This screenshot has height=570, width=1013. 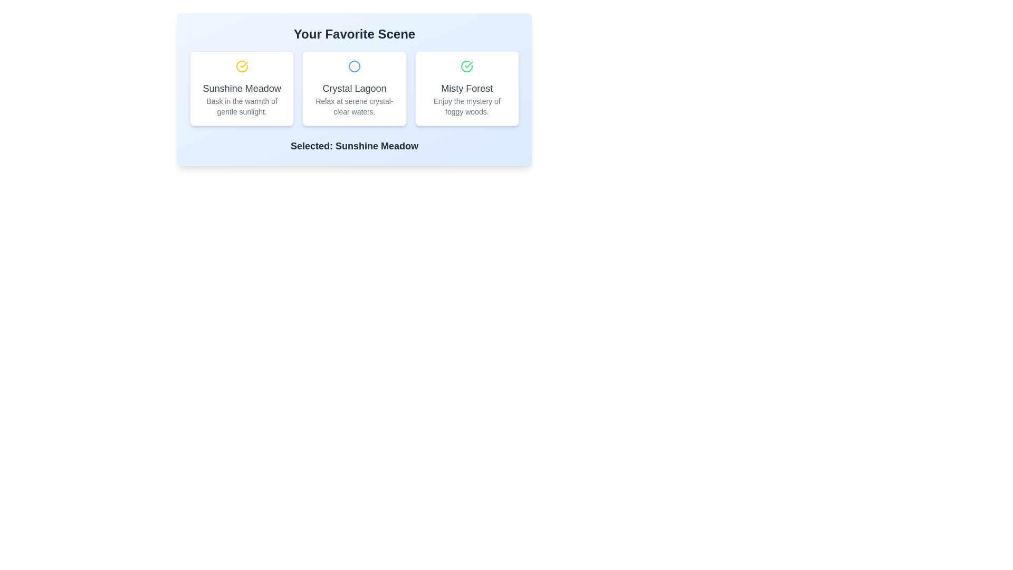 I want to click on the selectable card titled 'Crystal Lagoon', which features a blue circular icon and bold text, located in the middle of three cards, so click(x=355, y=88).